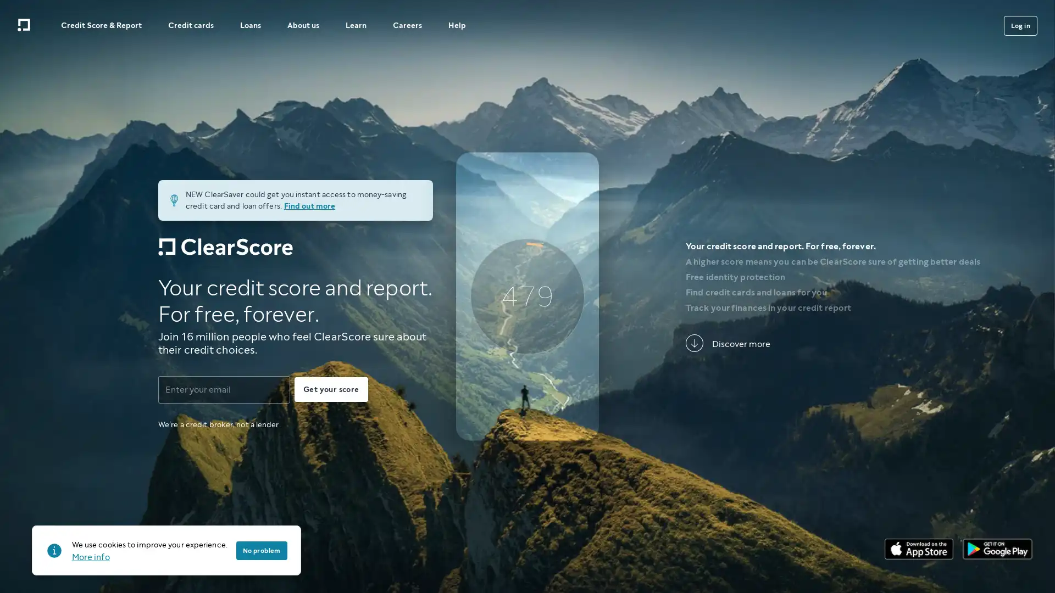  I want to click on Get your score, so click(330, 389).